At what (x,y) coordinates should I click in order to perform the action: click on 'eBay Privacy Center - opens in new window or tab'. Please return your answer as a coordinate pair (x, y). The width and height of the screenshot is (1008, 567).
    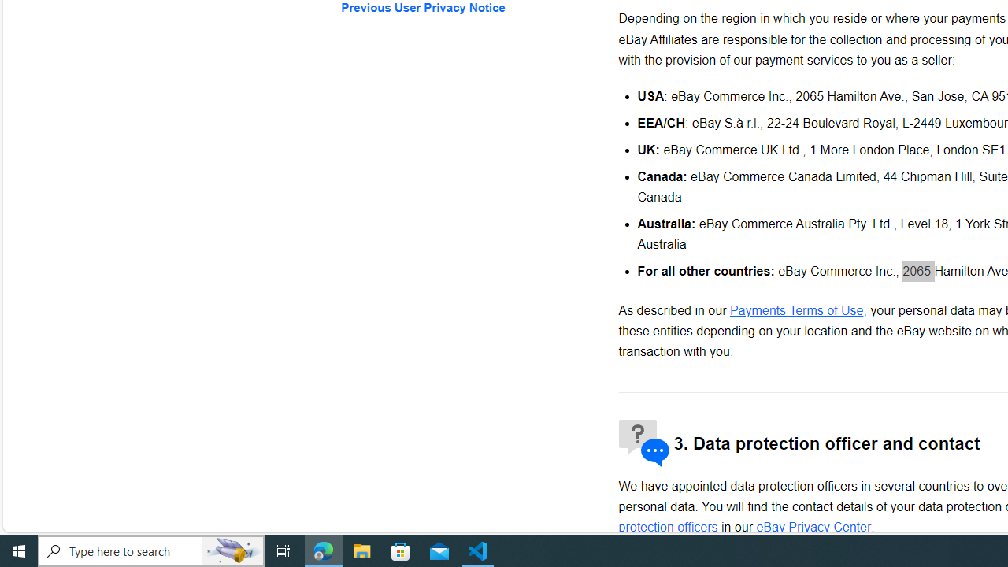
    Looking at the image, I should click on (813, 527).